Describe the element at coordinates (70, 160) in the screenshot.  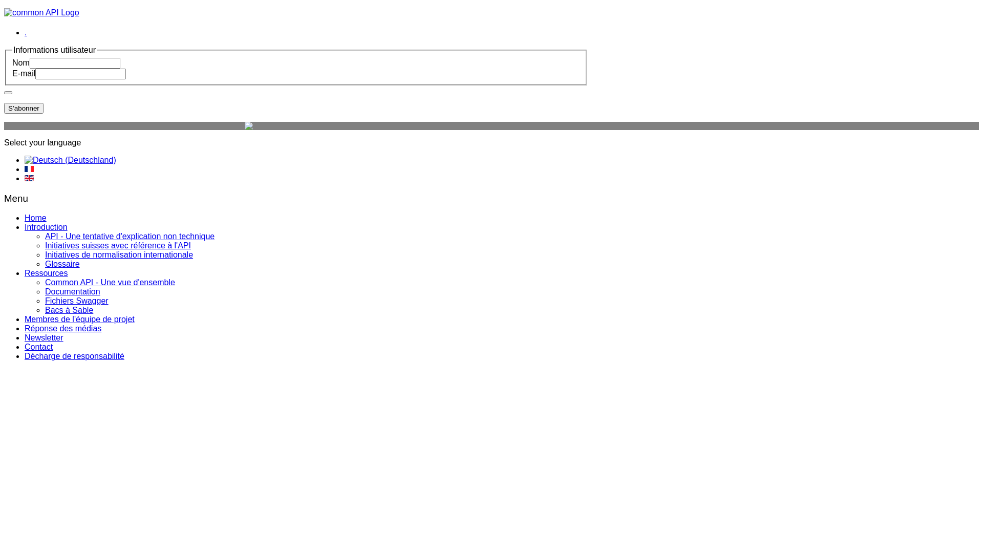
I see `'Deutsch (Deutschland)'` at that location.